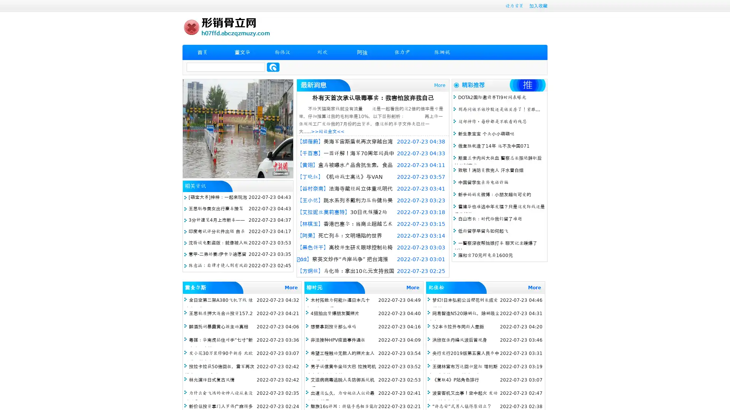 This screenshot has width=730, height=410. What do you see at coordinates (273, 67) in the screenshot?
I see `Search` at bounding box center [273, 67].